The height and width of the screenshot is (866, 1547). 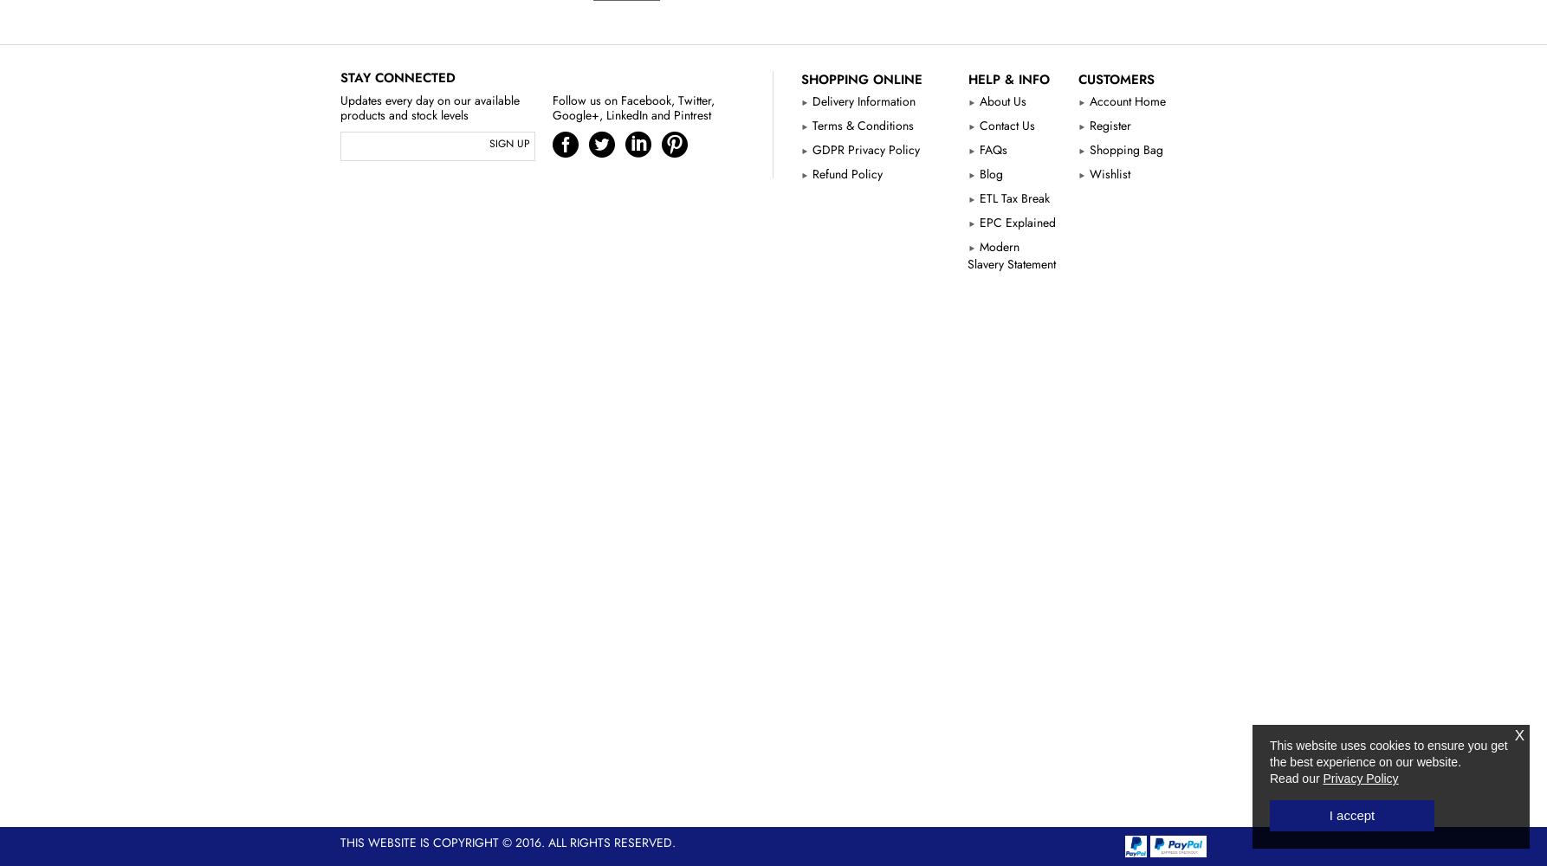 What do you see at coordinates (861, 78) in the screenshot?
I see `'SHOPPING ONLINE'` at bounding box center [861, 78].